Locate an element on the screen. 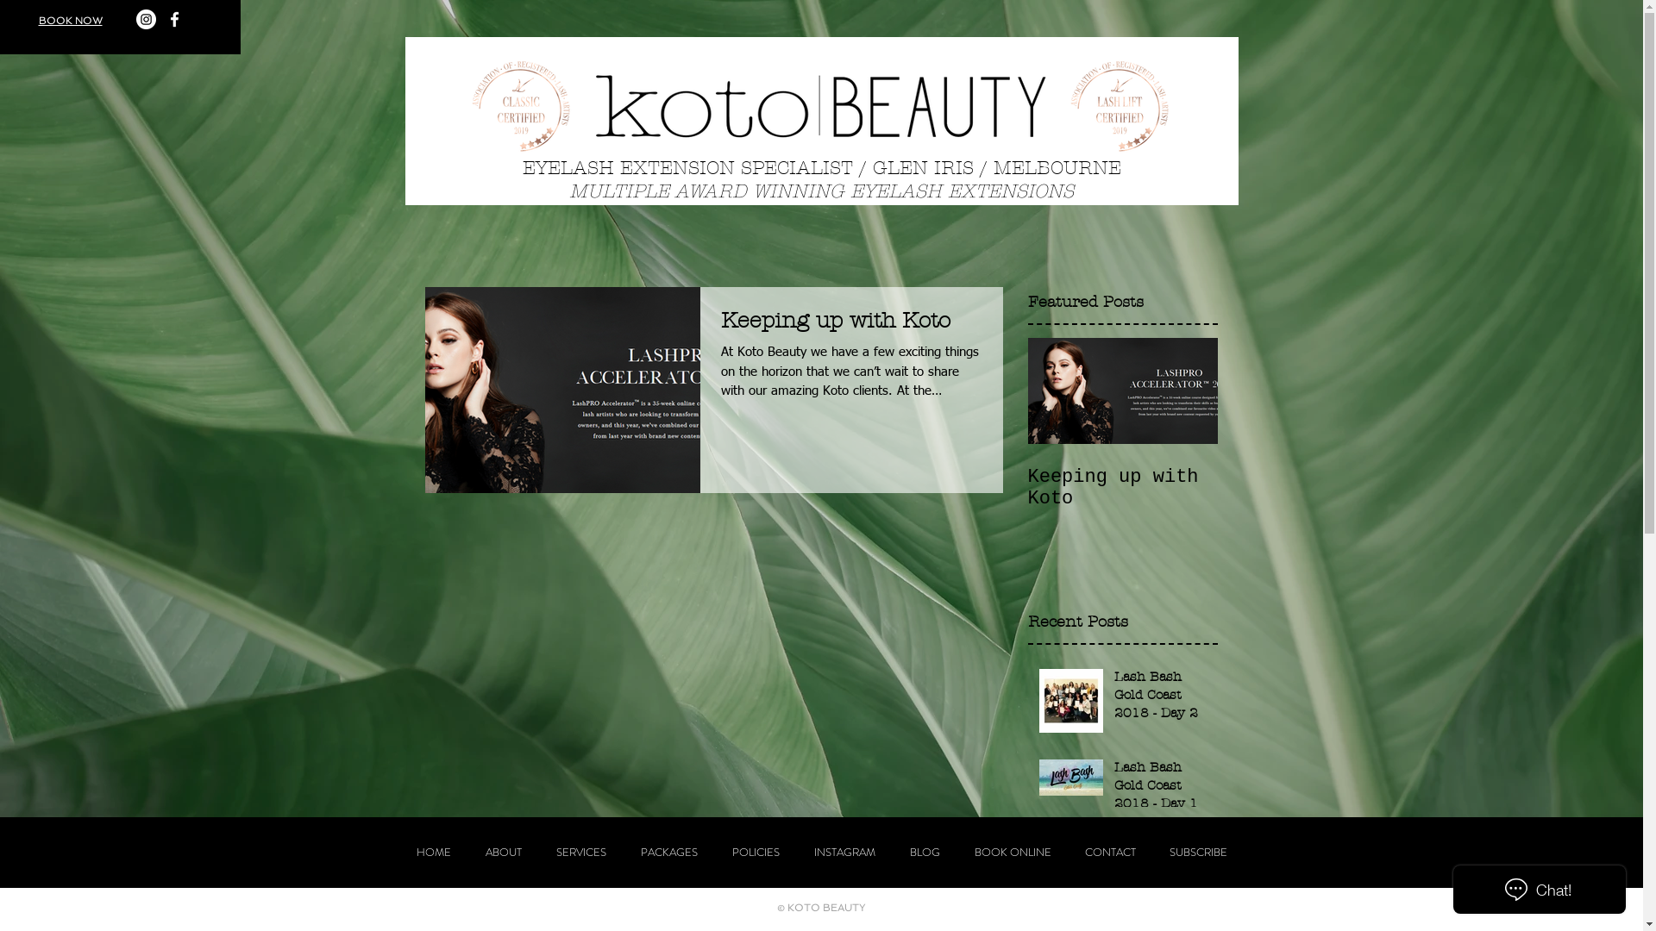 The height and width of the screenshot is (931, 1656). 'BOOK NOW' is located at coordinates (69, 20).